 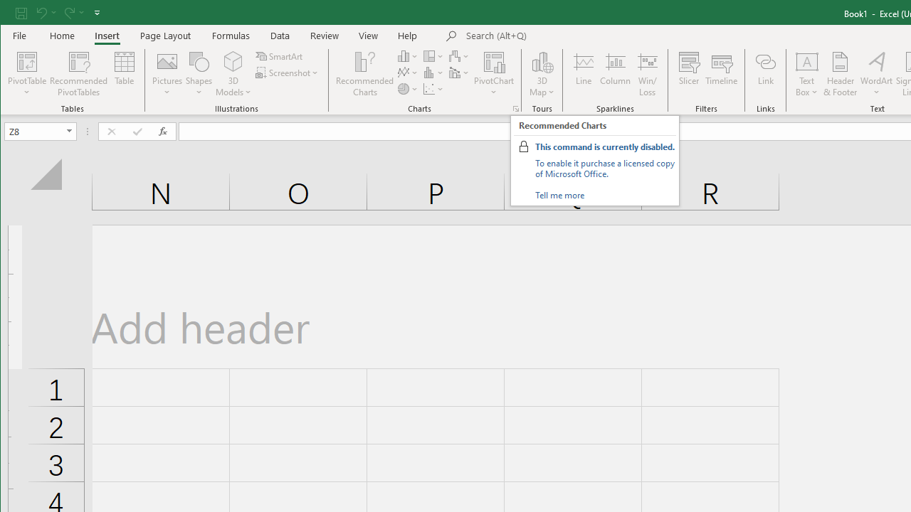 What do you see at coordinates (433, 55) in the screenshot?
I see `'Insert Hierarchy Chart'` at bounding box center [433, 55].